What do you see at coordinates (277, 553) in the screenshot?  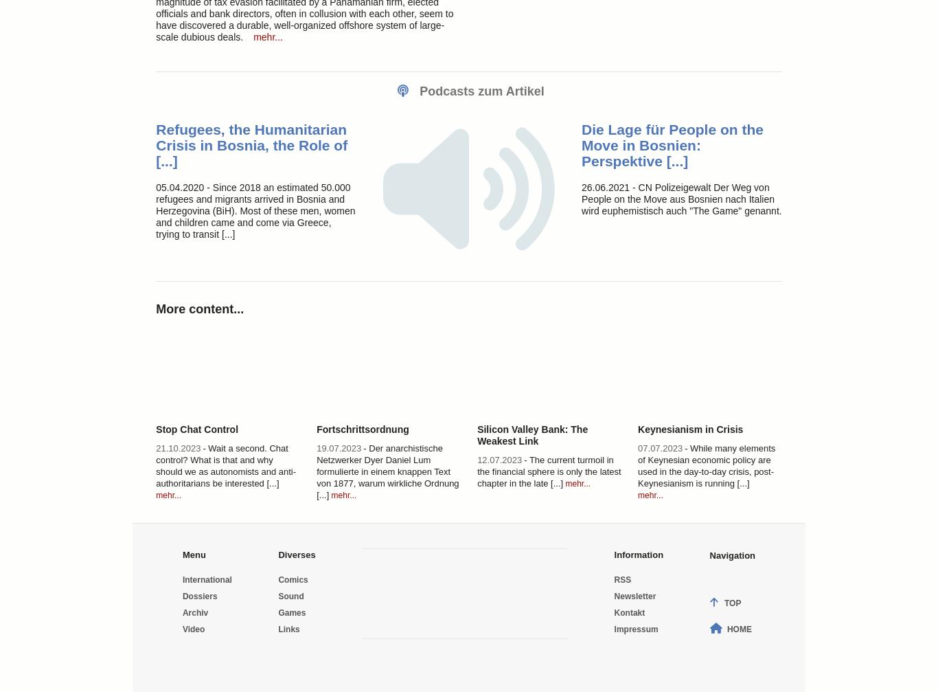 I see `'Diverses'` at bounding box center [277, 553].